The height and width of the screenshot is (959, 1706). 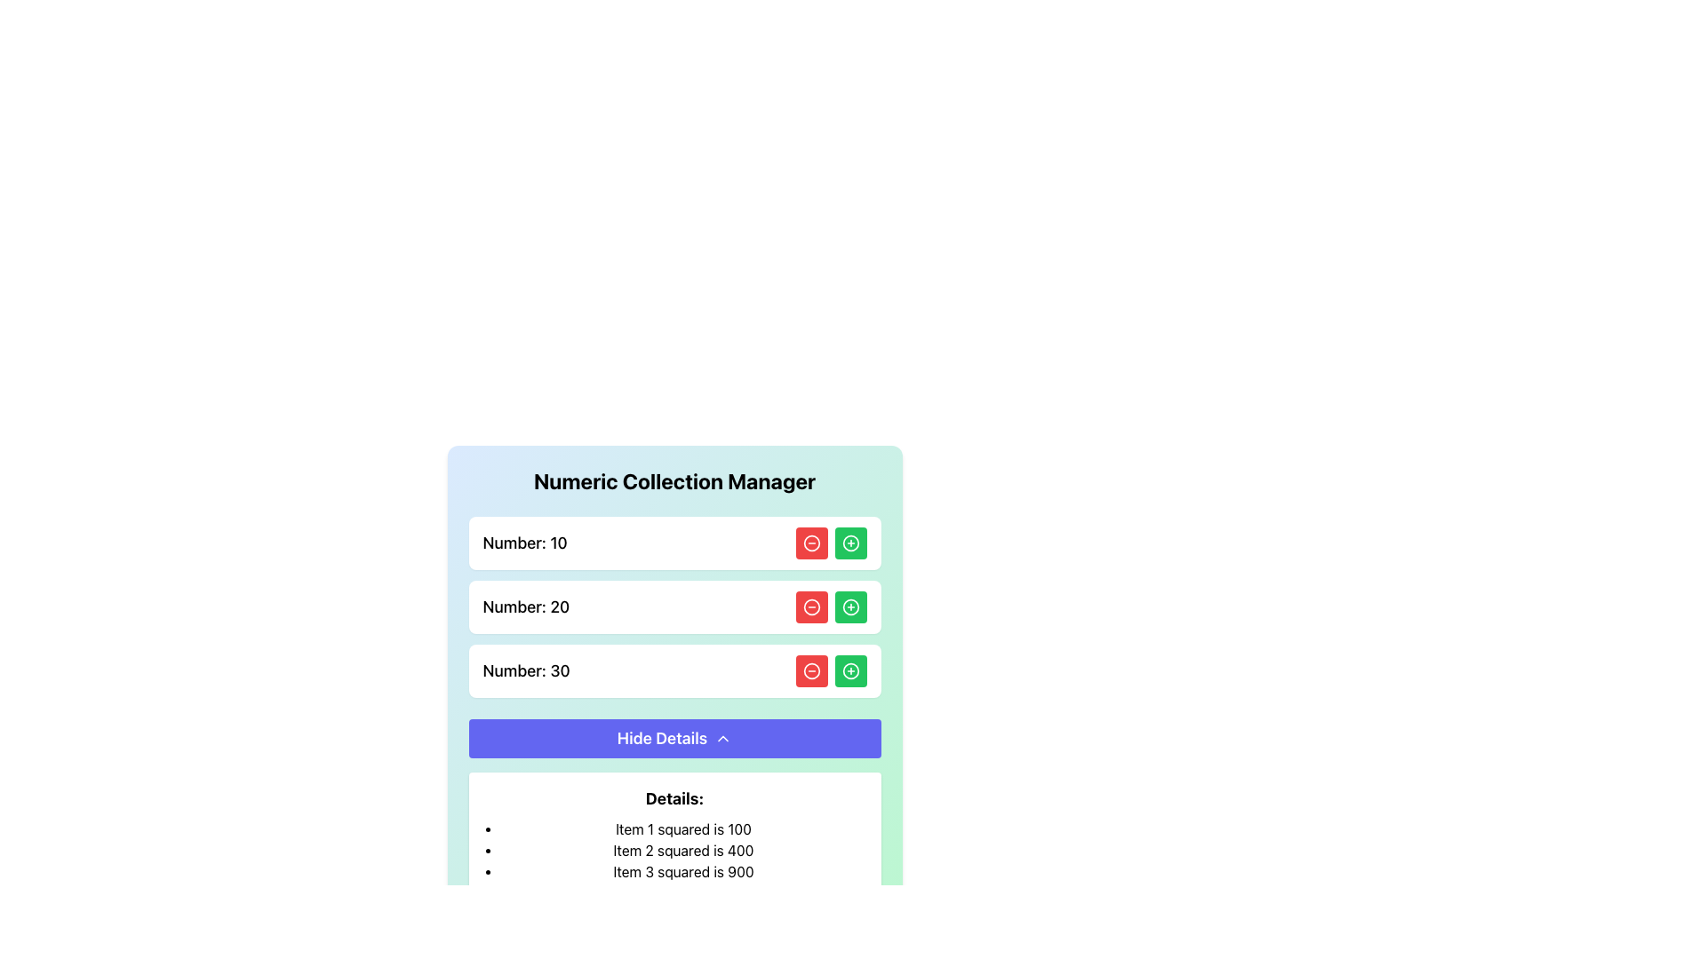 What do you see at coordinates (810, 606) in the screenshot?
I see `the decrement button located on the right side of the second row in the list, next to the number 20, to observe a visual response` at bounding box center [810, 606].